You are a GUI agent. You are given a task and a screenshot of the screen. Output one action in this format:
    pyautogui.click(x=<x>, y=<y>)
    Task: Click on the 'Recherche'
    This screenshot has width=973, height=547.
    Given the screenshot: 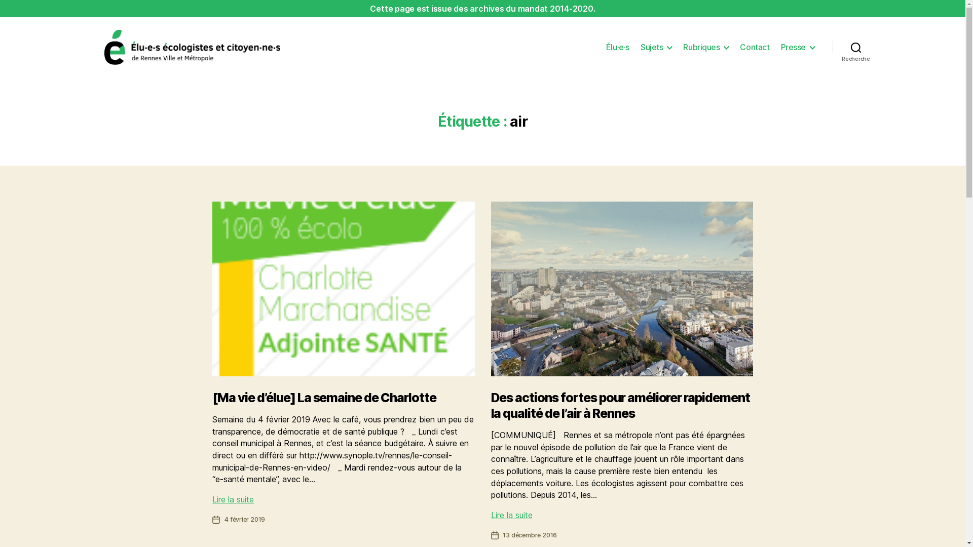 What is the action you would take?
    pyautogui.click(x=855, y=47)
    